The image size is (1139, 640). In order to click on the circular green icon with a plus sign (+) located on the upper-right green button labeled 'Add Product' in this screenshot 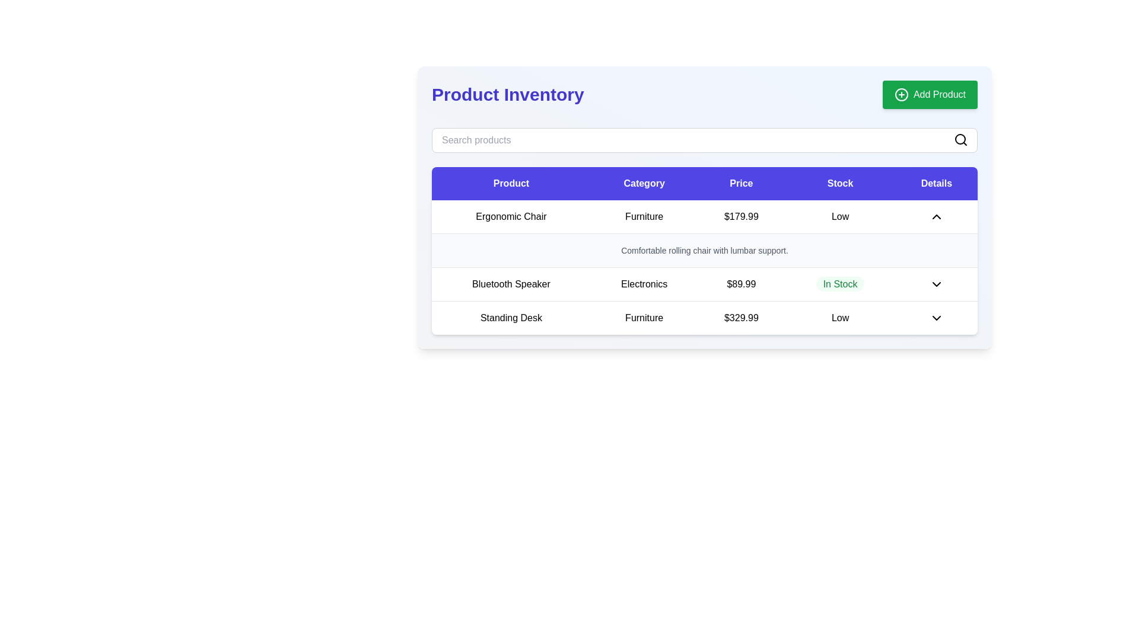, I will do `click(901, 94)`.